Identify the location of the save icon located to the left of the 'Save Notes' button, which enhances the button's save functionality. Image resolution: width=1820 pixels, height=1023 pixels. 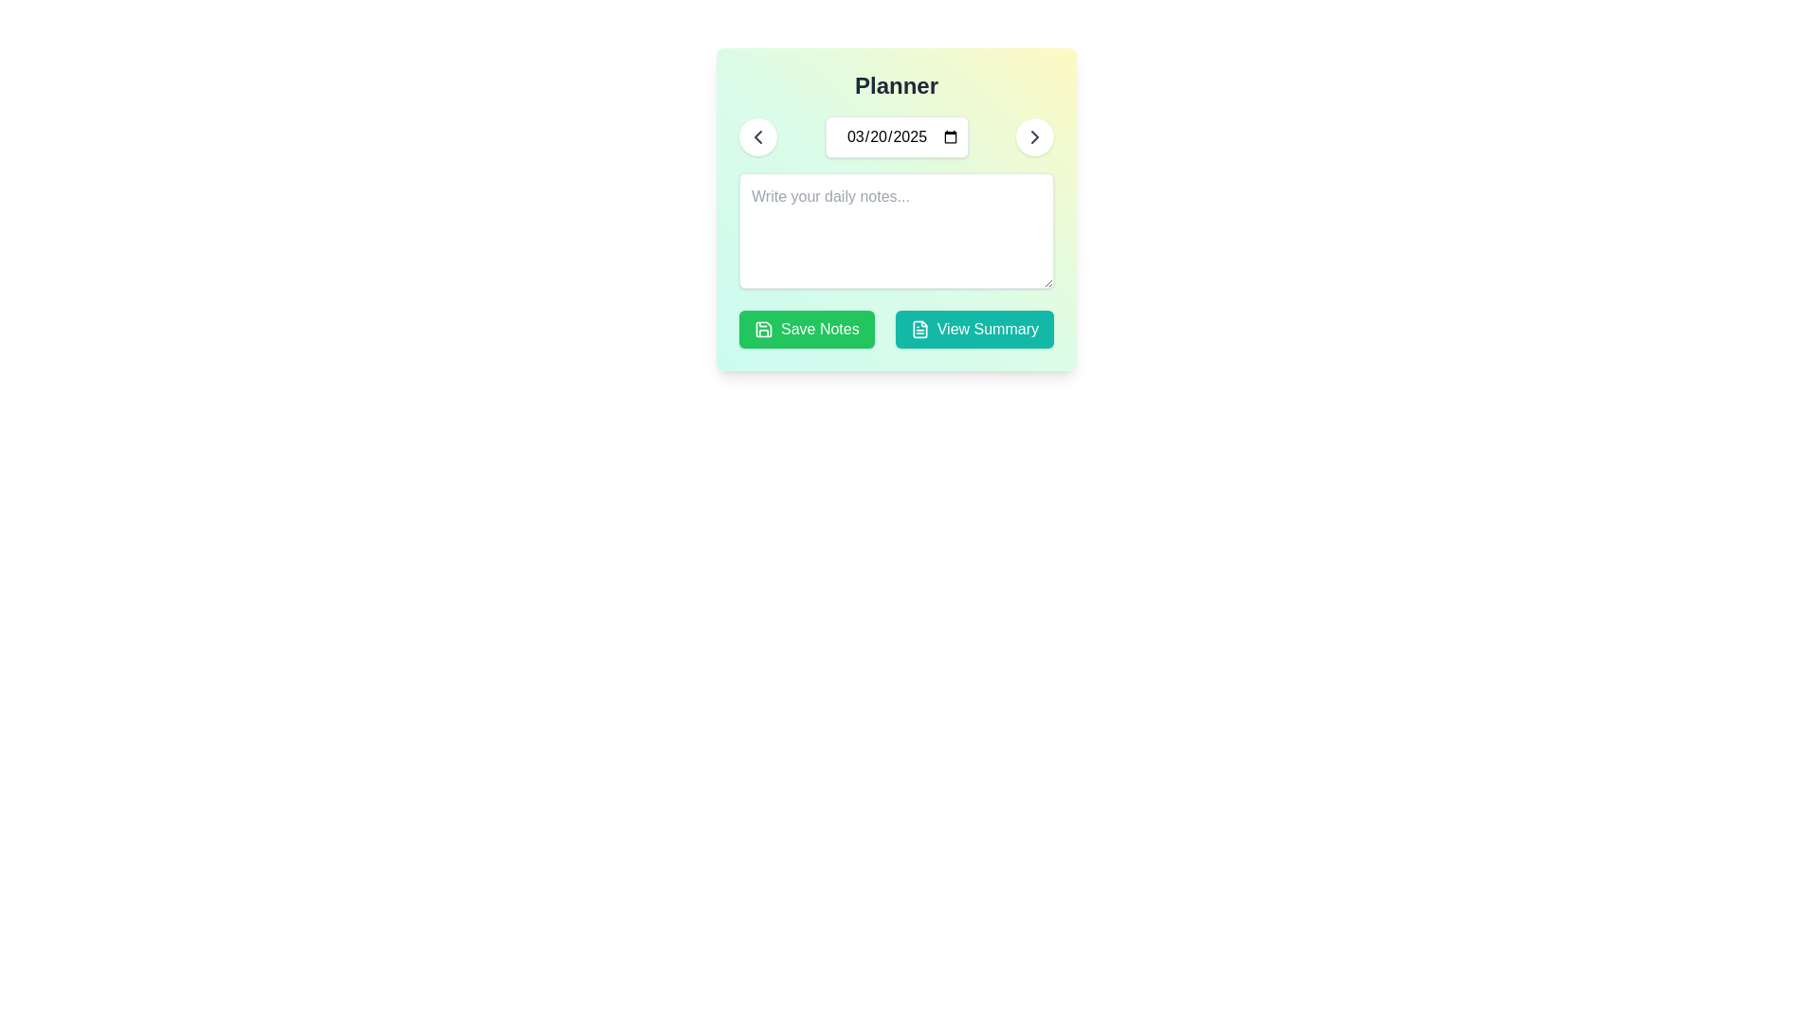
(764, 328).